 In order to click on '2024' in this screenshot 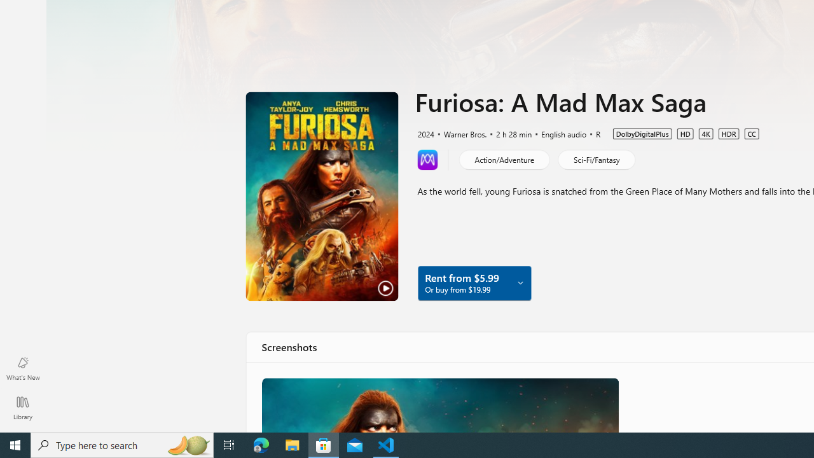, I will do `click(425, 133)`.